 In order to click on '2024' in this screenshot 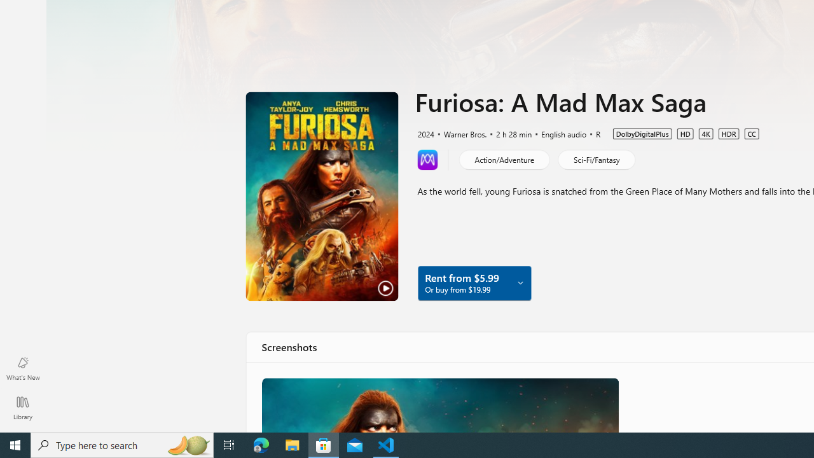, I will do `click(425, 133)`.